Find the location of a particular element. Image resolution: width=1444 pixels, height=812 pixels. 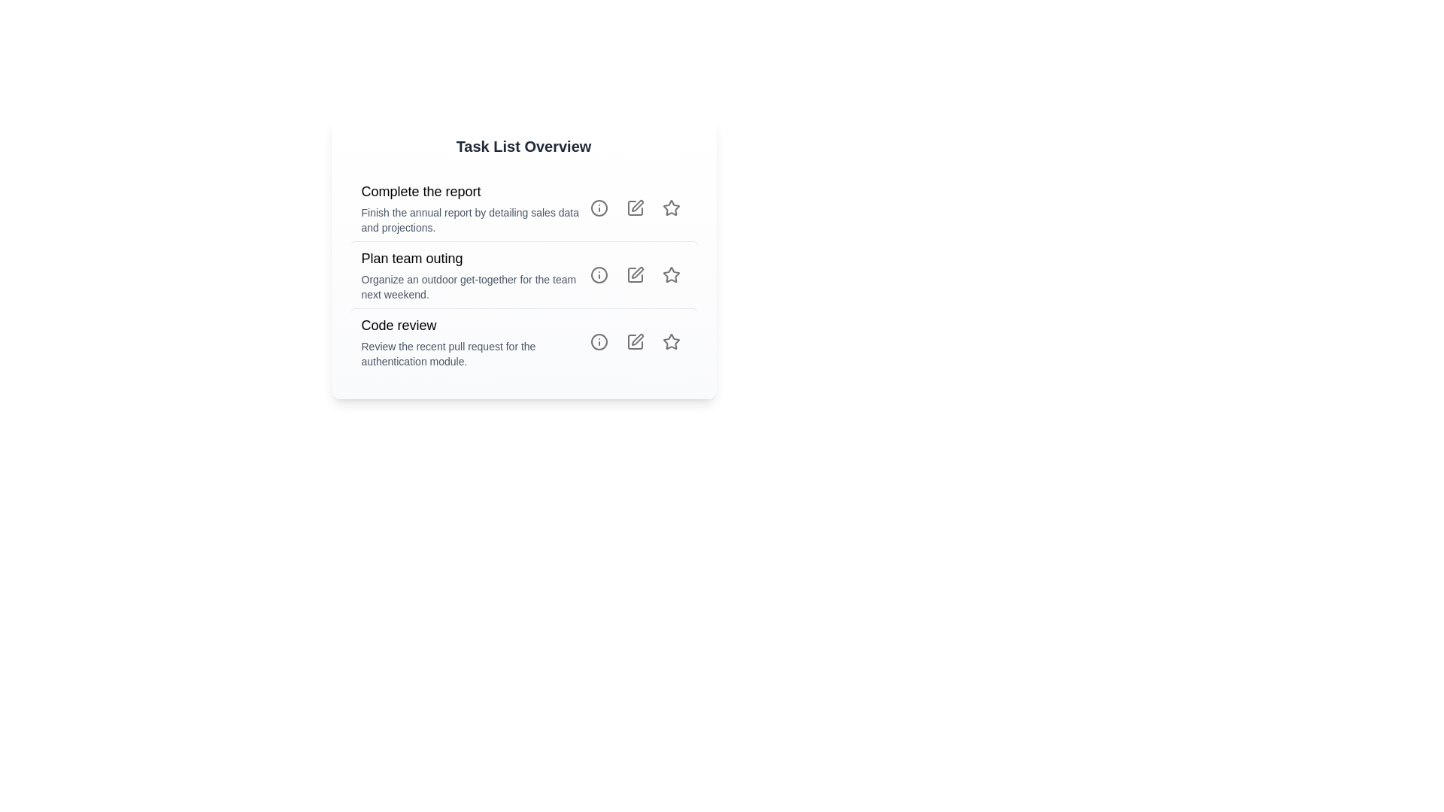

the star-shaped icon with a yellow outline at the far-right end of the row representing the task 'Complete the report' is located at coordinates (670, 208).